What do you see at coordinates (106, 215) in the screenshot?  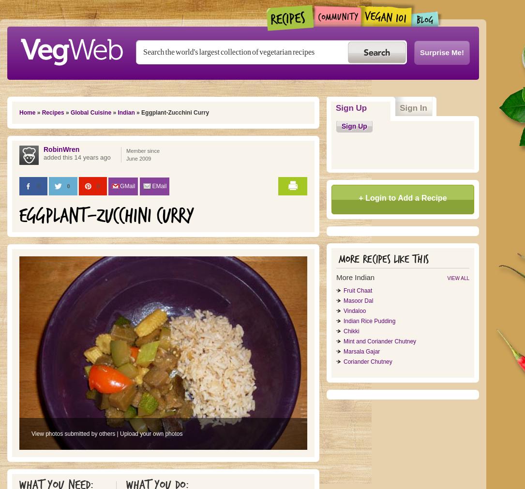 I see `'Eggplant-Zucchini Curry'` at bounding box center [106, 215].